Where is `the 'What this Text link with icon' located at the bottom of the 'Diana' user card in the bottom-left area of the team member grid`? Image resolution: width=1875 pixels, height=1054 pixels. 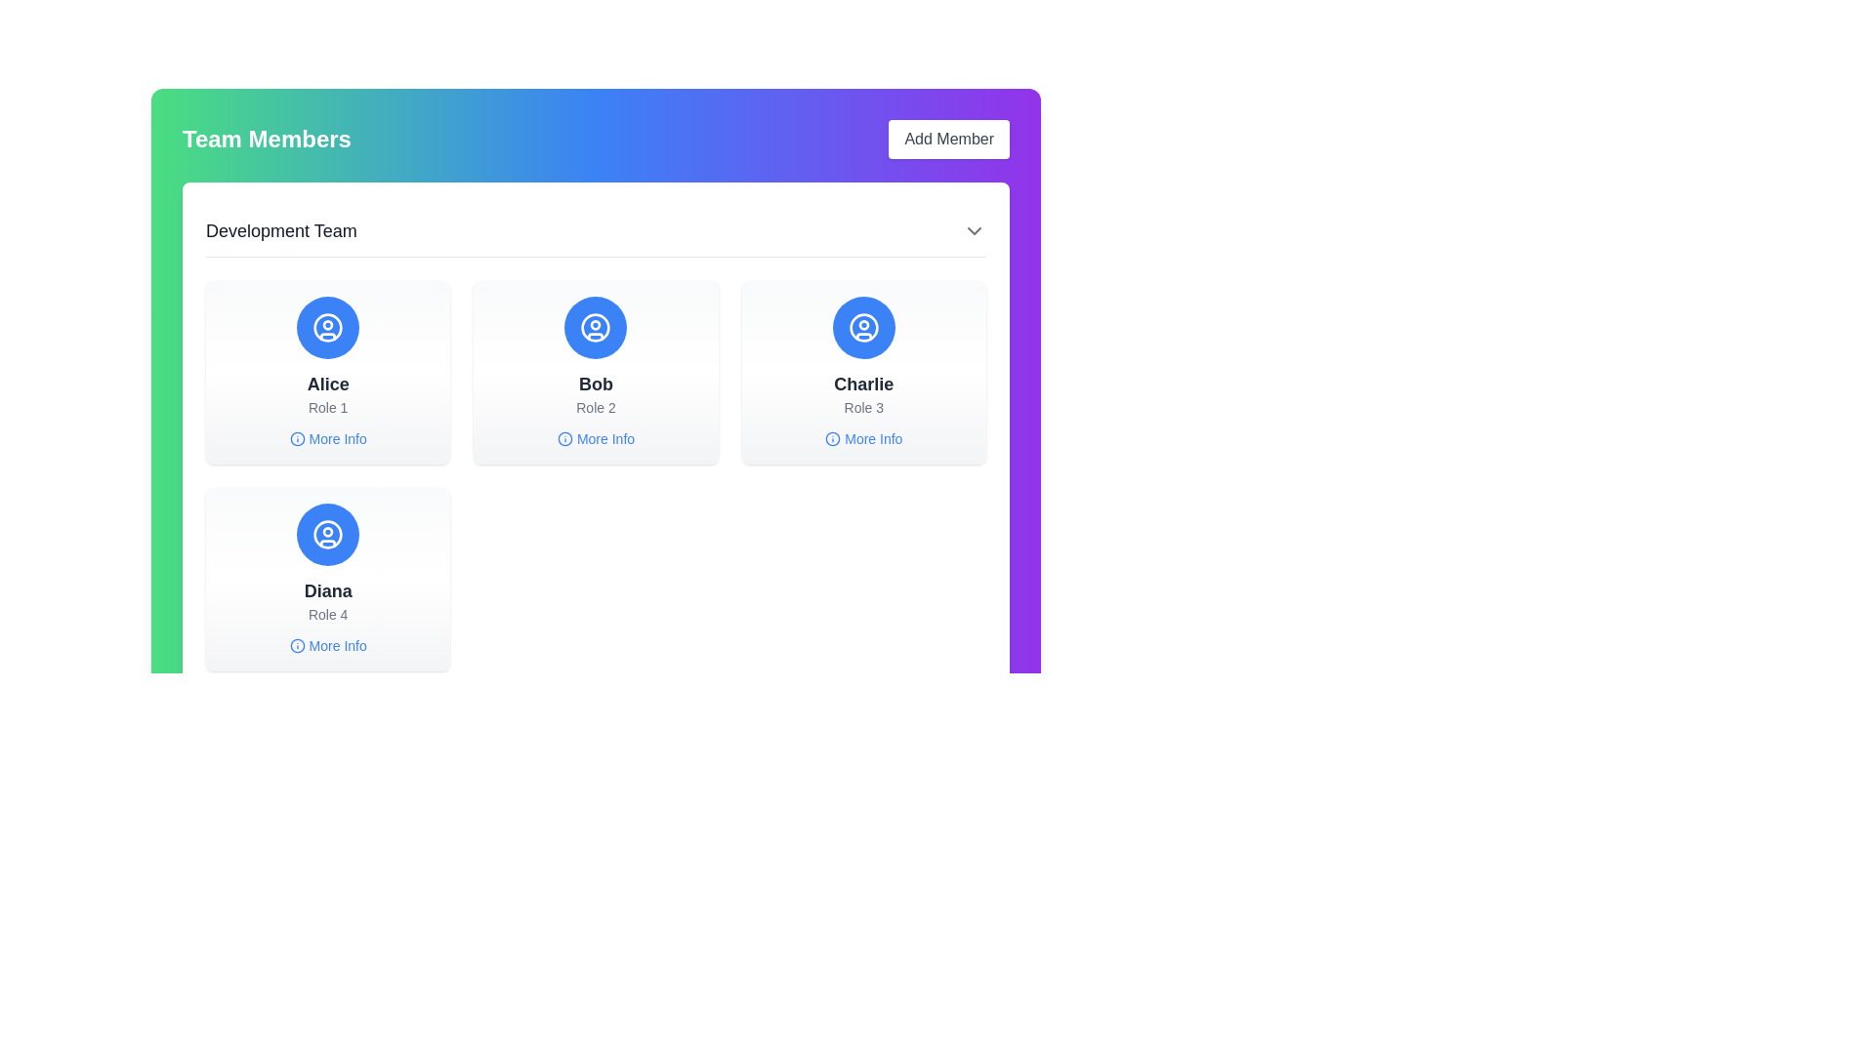
the 'What this Text link with icon' located at the bottom of the 'Diana' user card in the bottom-left area of the team member grid is located at coordinates (328, 646).